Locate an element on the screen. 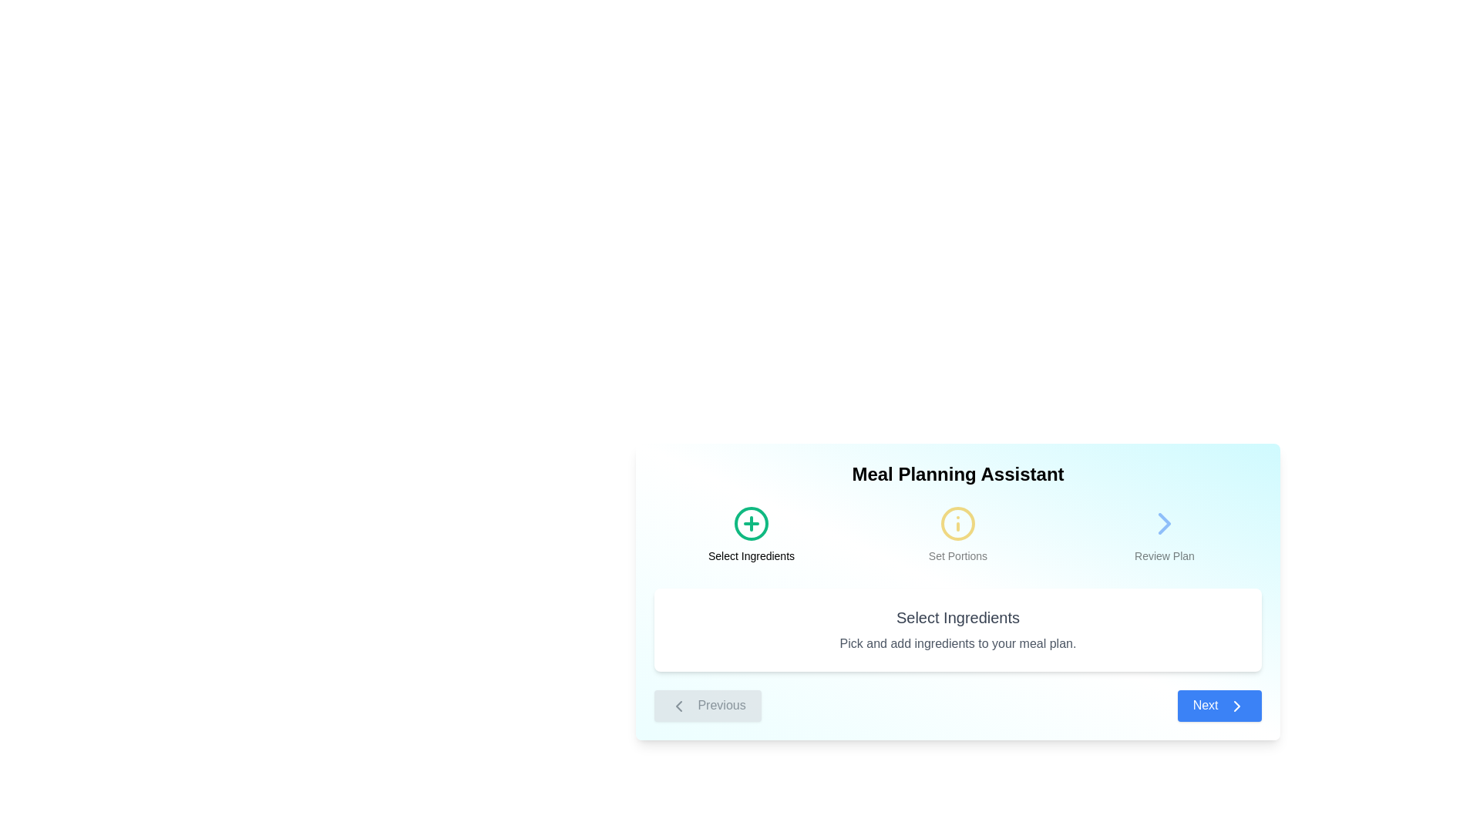  the Text label that serves as a heading for the ingredient selection section, which is located in the bottom section of the interface, above the smaller text about adding ingredients is located at coordinates (957, 617).